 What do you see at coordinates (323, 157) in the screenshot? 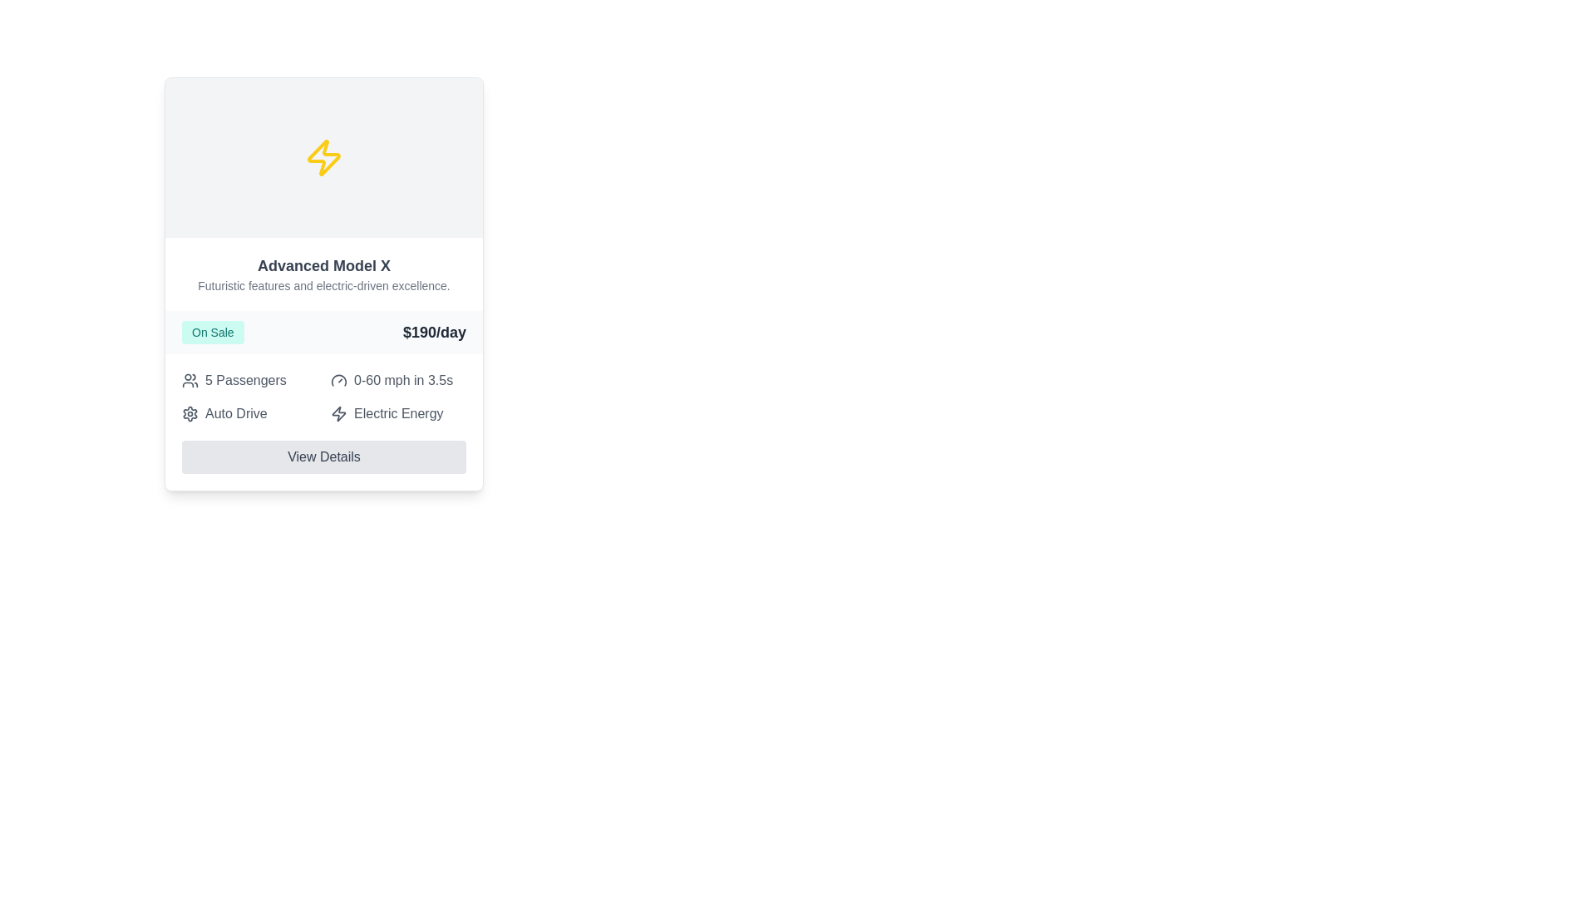
I see `the energy icon located at the top of the card arrangement, above the text 'Advanced Model X'` at bounding box center [323, 157].